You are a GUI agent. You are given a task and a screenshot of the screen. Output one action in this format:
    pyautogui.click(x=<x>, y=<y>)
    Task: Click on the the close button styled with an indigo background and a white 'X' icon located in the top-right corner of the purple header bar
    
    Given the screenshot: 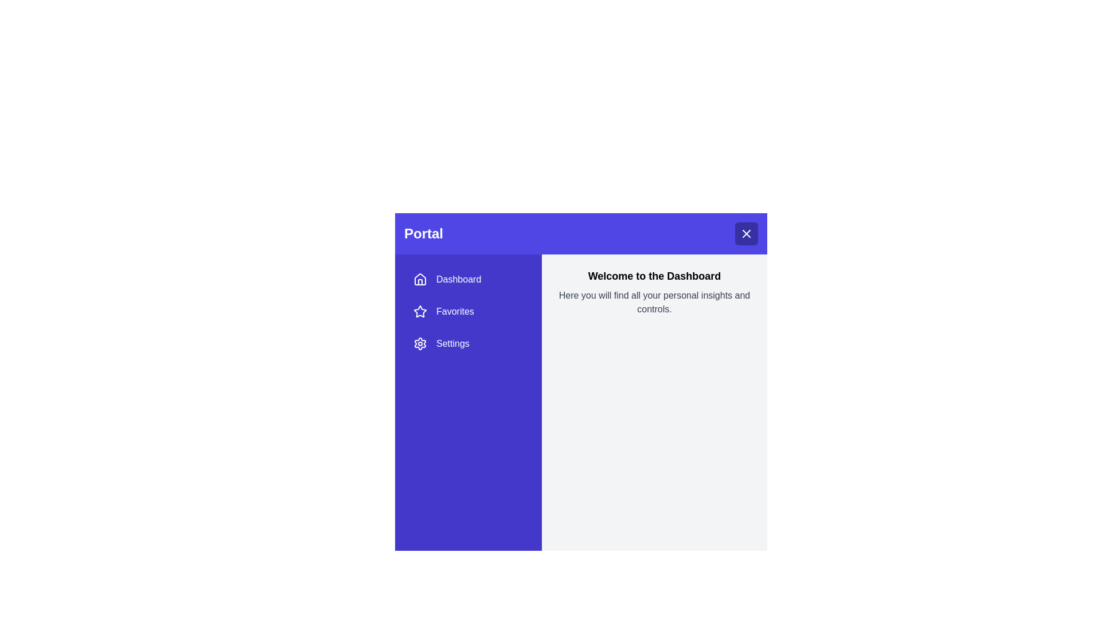 What is the action you would take?
    pyautogui.click(x=746, y=233)
    